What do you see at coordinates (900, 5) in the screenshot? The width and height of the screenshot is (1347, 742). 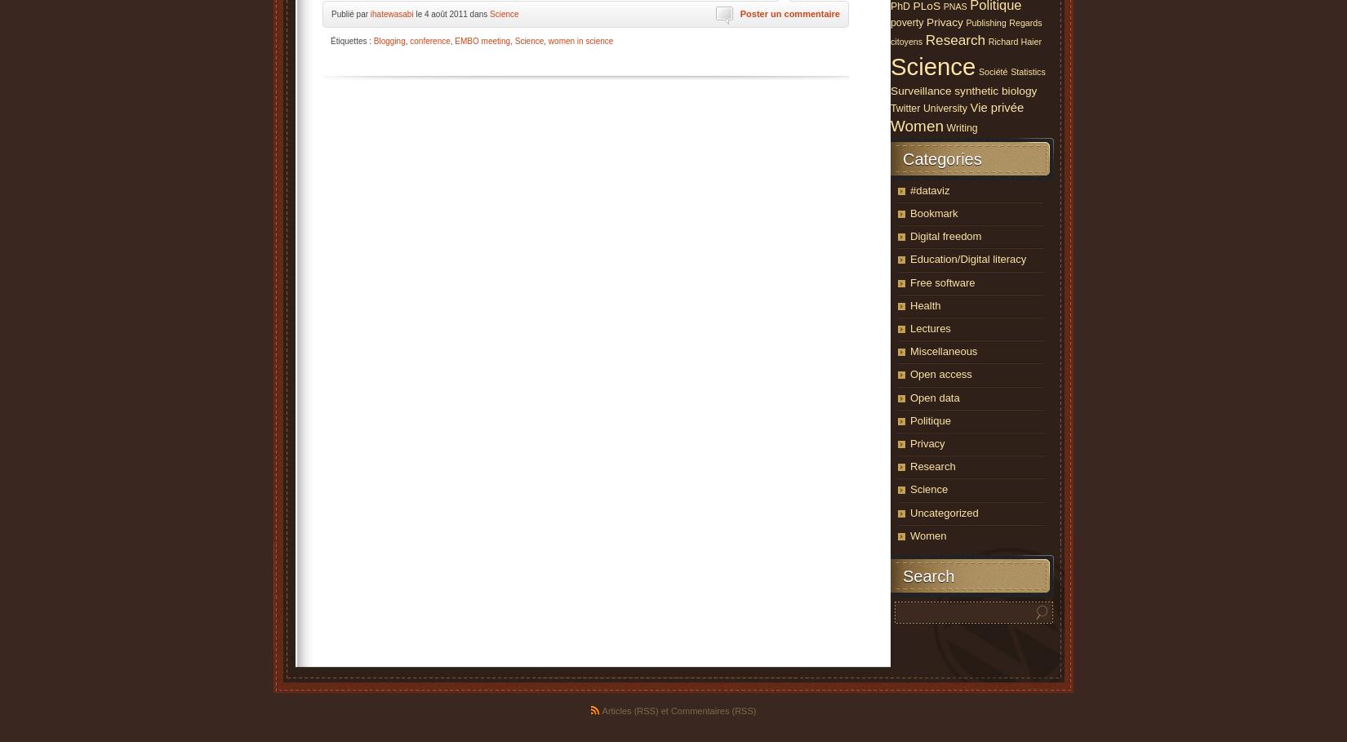 I see `'PhD'` at bounding box center [900, 5].